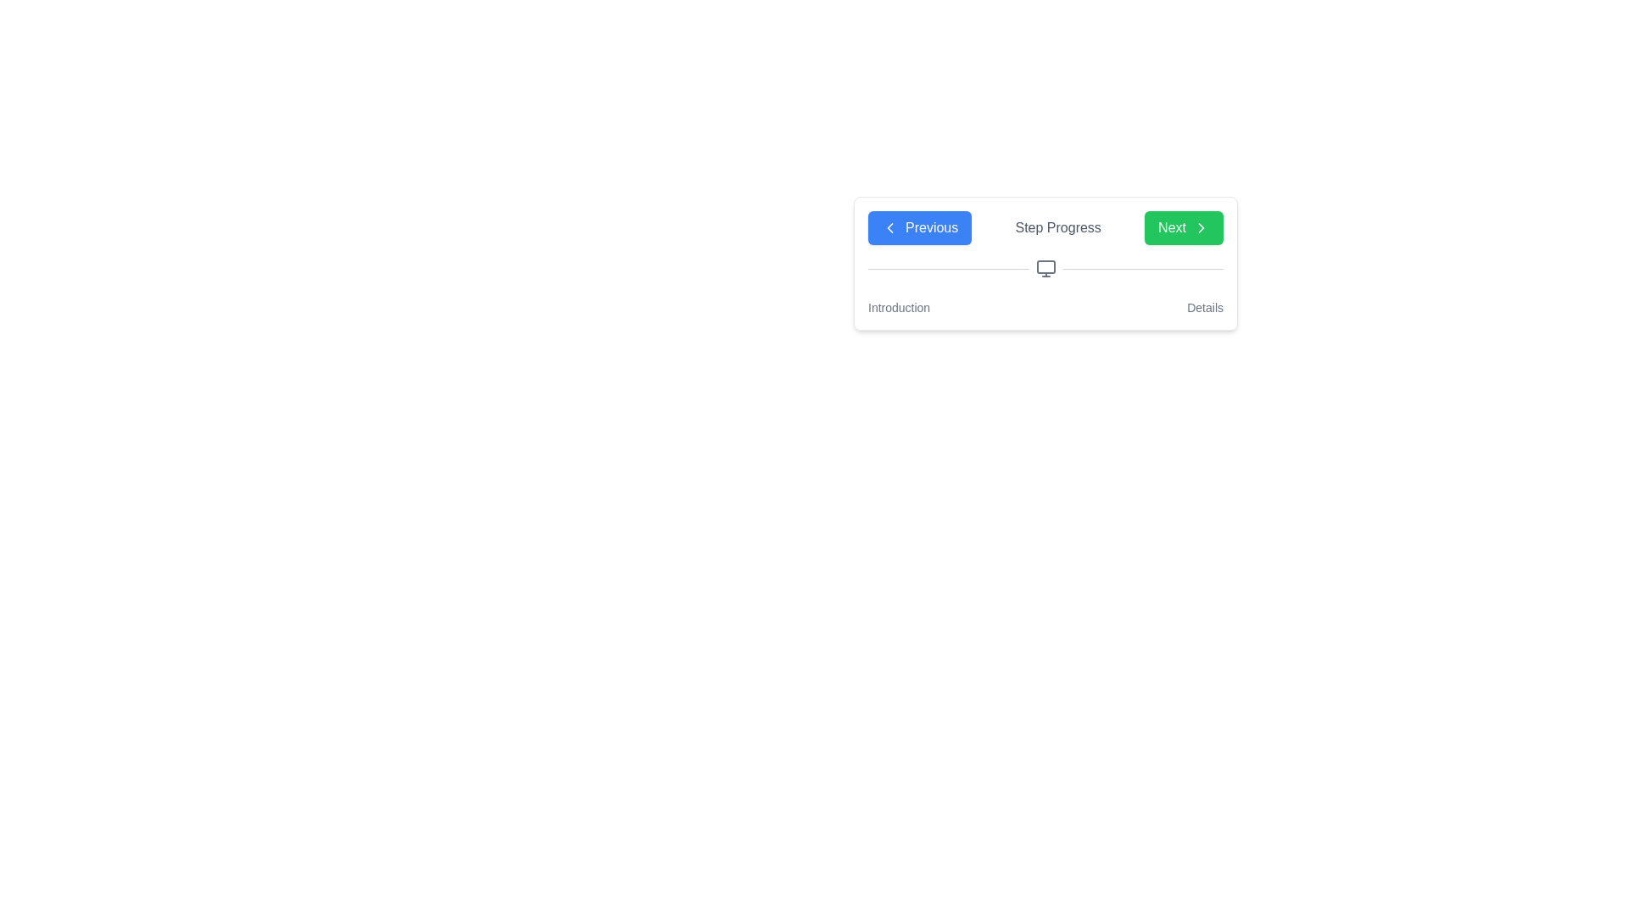 Image resolution: width=1628 pixels, height=916 pixels. What do you see at coordinates (1045, 227) in the screenshot?
I see `'Step Progress' text located in the center of the Navigation control, which features 'Previous' and 'Next' buttons on either side` at bounding box center [1045, 227].